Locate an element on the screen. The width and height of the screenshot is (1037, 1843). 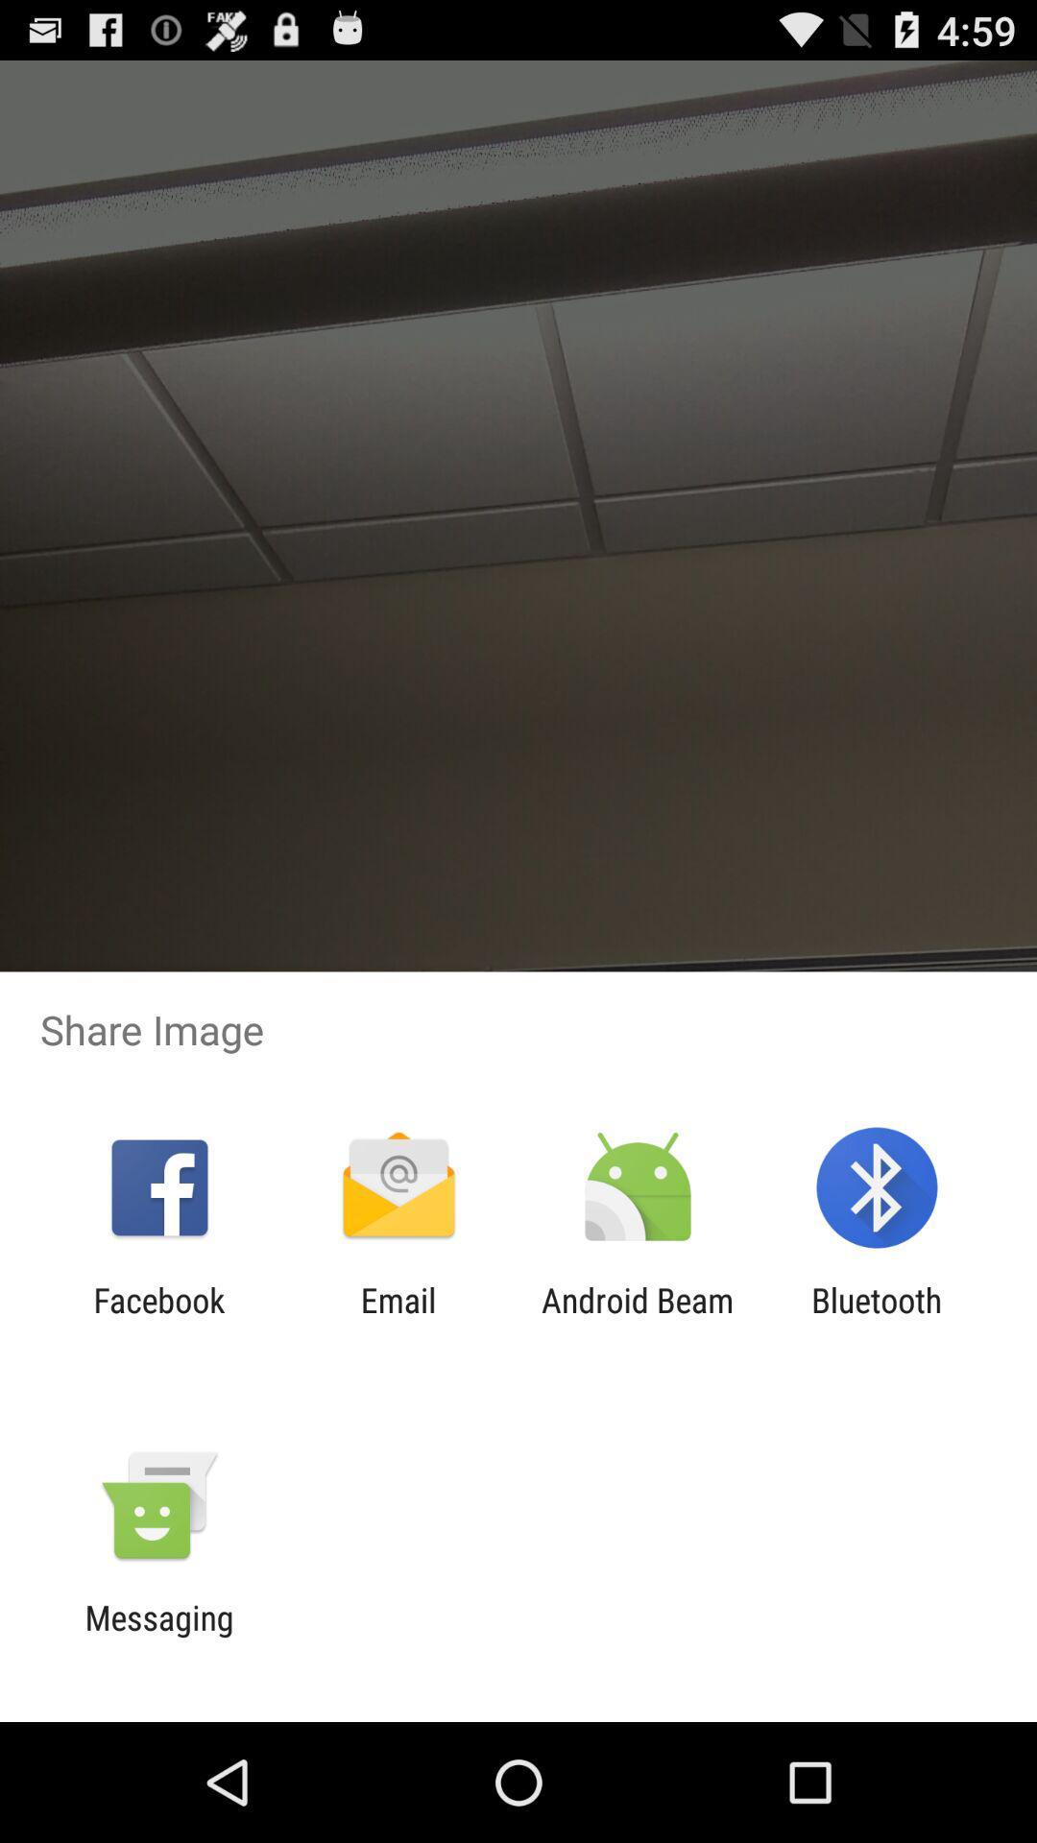
icon next to android beam icon is located at coordinates (398, 1319).